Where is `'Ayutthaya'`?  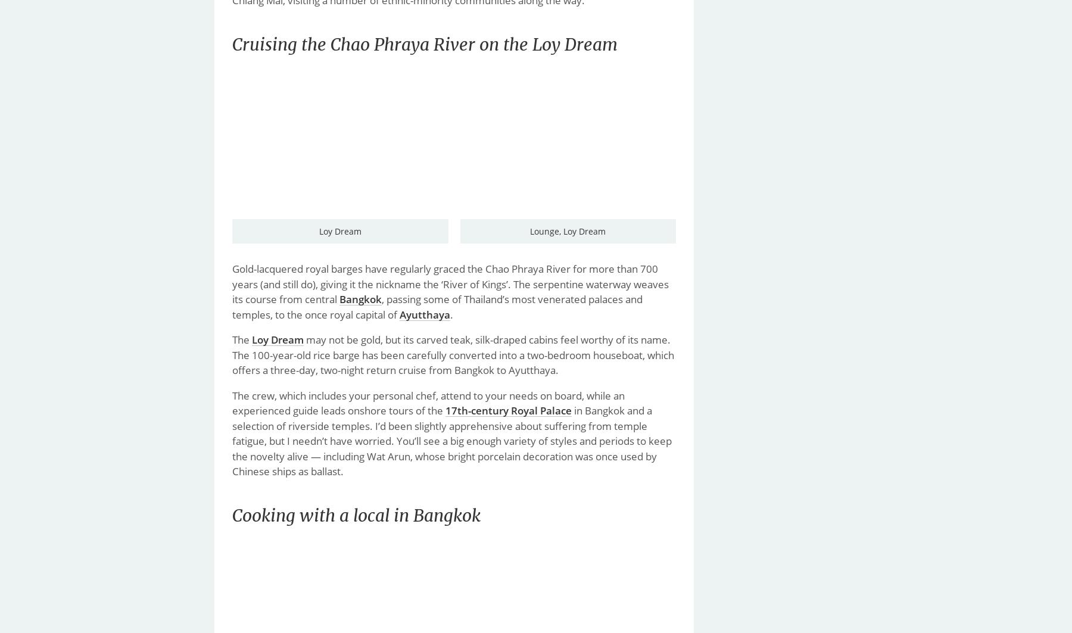 'Ayutthaya' is located at coordinates (400, 314).